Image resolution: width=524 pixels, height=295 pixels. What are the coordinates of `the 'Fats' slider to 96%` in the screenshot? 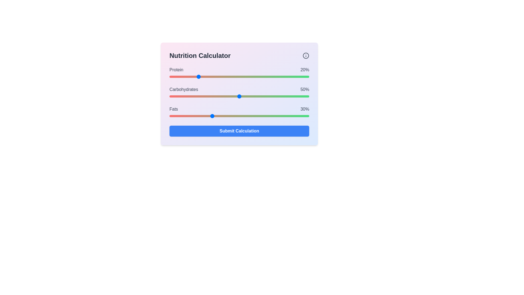 It's located at (303, 116).